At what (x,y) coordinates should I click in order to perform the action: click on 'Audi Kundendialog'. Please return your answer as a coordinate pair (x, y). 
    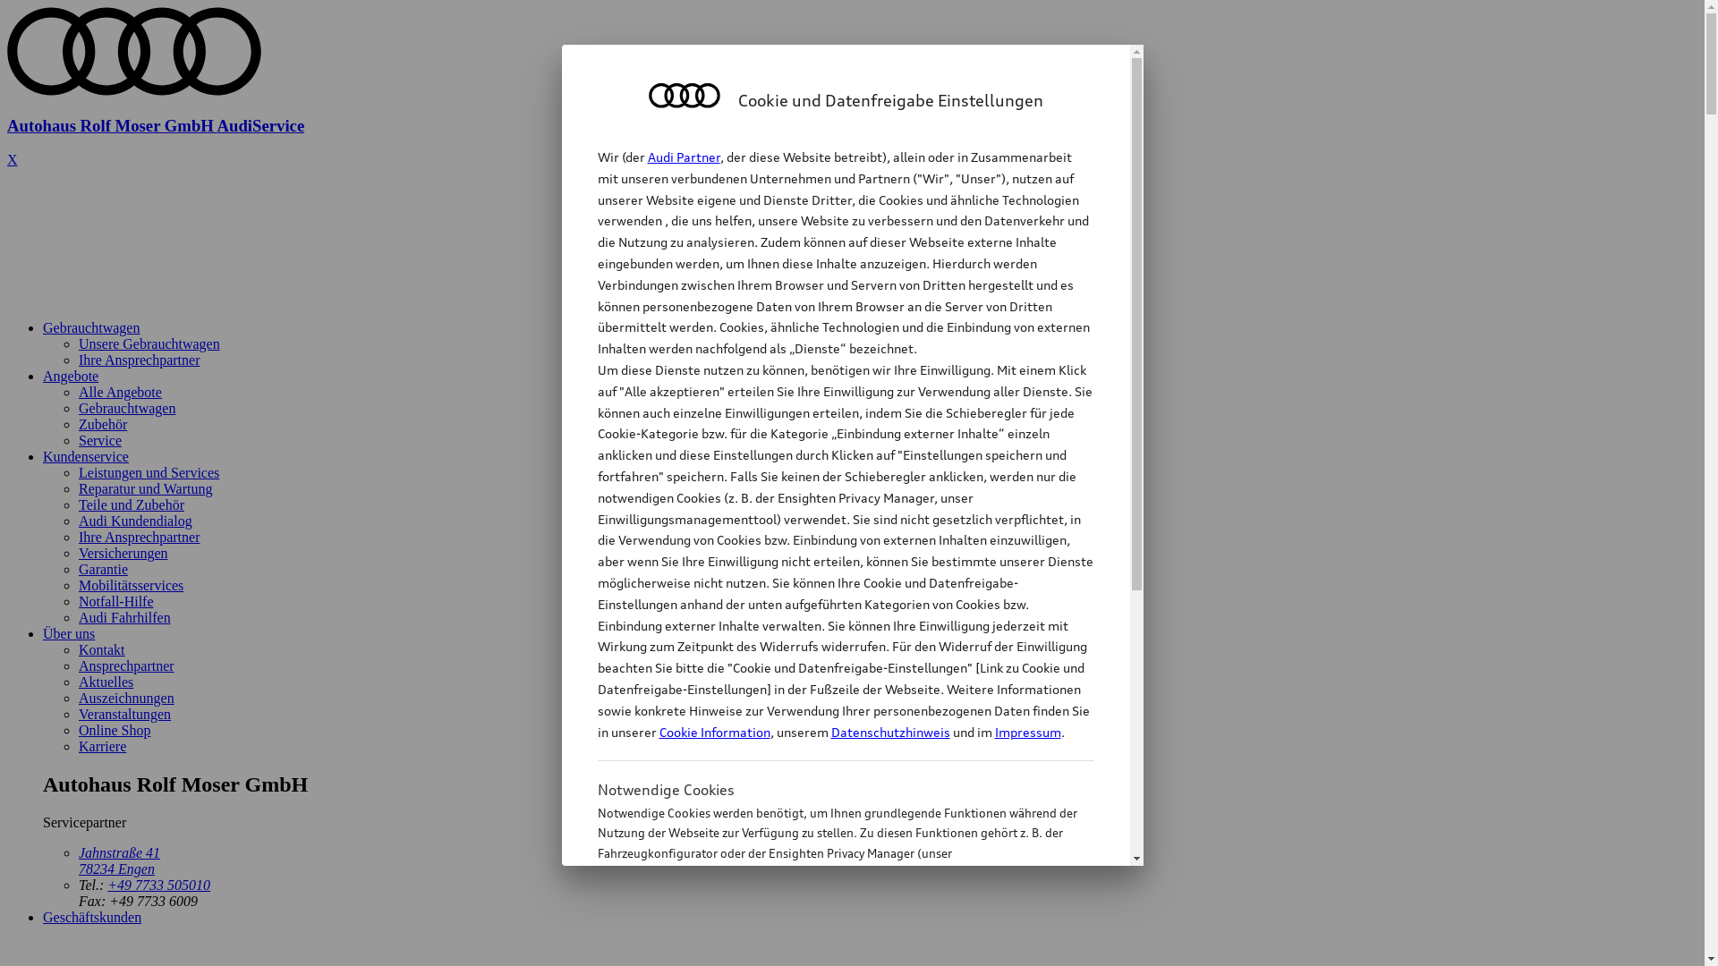
    Looking at the image, I should click on (134, 521).